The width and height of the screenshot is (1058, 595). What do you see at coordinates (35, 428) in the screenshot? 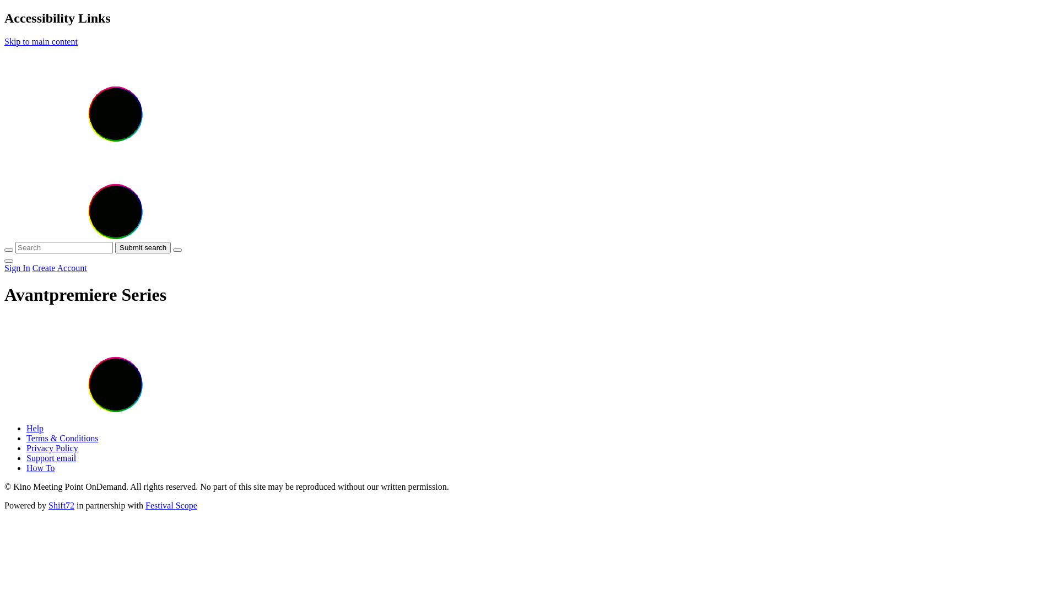
I see `'Help'` at bounding box center [35, 428].